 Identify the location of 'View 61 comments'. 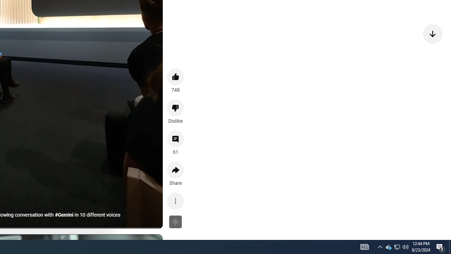
(175, 139).